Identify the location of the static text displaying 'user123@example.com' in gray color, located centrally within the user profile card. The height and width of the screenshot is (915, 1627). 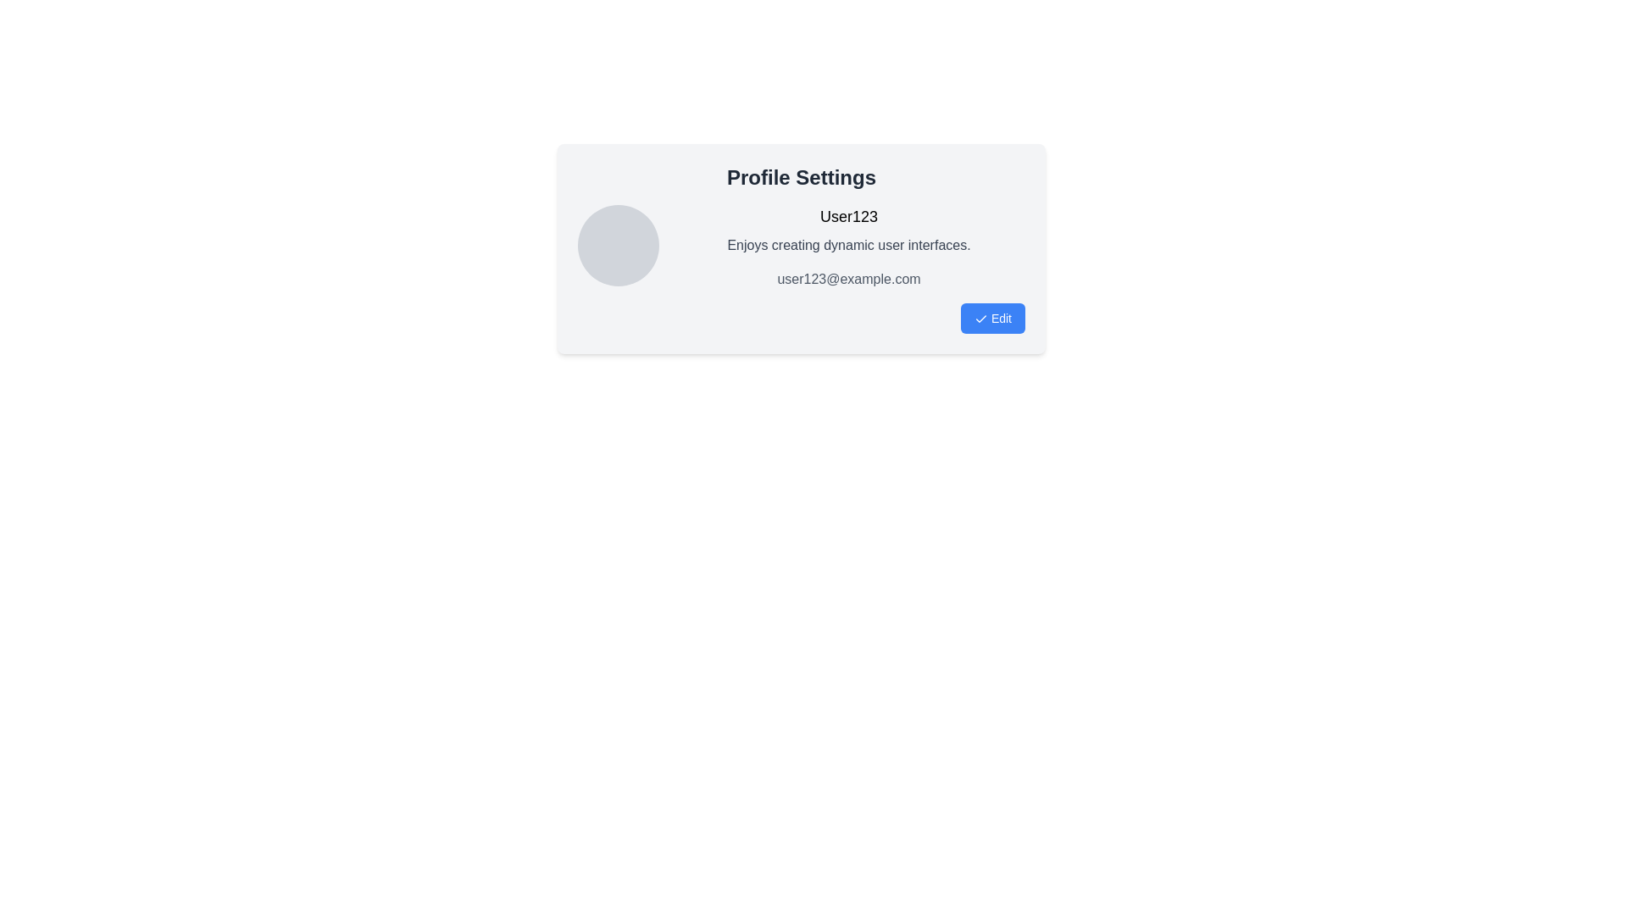
(849, 279).